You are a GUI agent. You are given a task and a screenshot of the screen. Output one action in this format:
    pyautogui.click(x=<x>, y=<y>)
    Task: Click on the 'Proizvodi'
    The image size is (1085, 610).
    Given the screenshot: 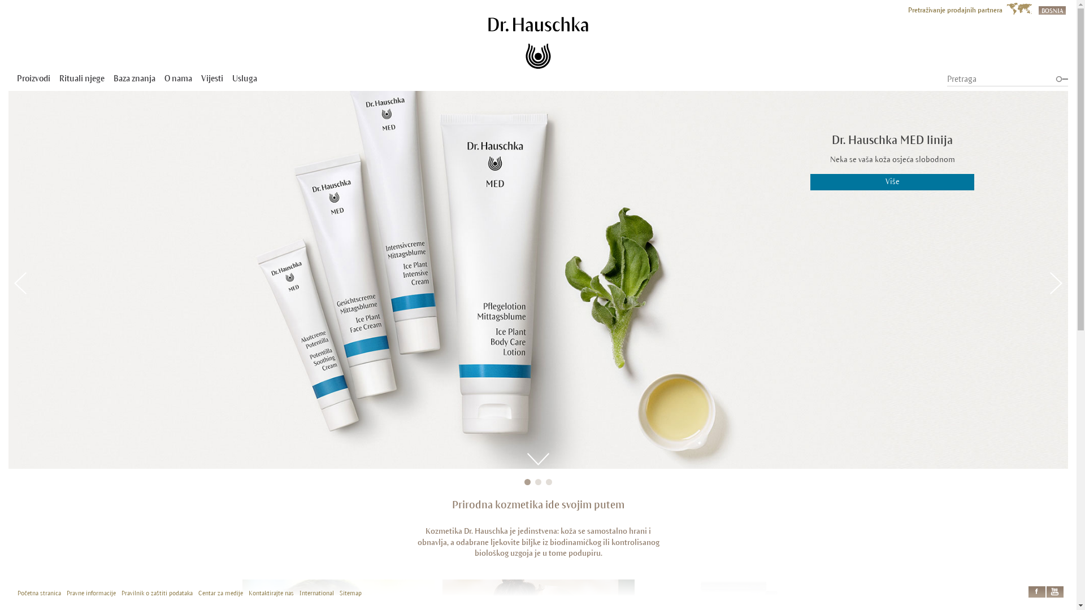 What is the action you would take?
    pyautogui.click(x=33, y=77)
    